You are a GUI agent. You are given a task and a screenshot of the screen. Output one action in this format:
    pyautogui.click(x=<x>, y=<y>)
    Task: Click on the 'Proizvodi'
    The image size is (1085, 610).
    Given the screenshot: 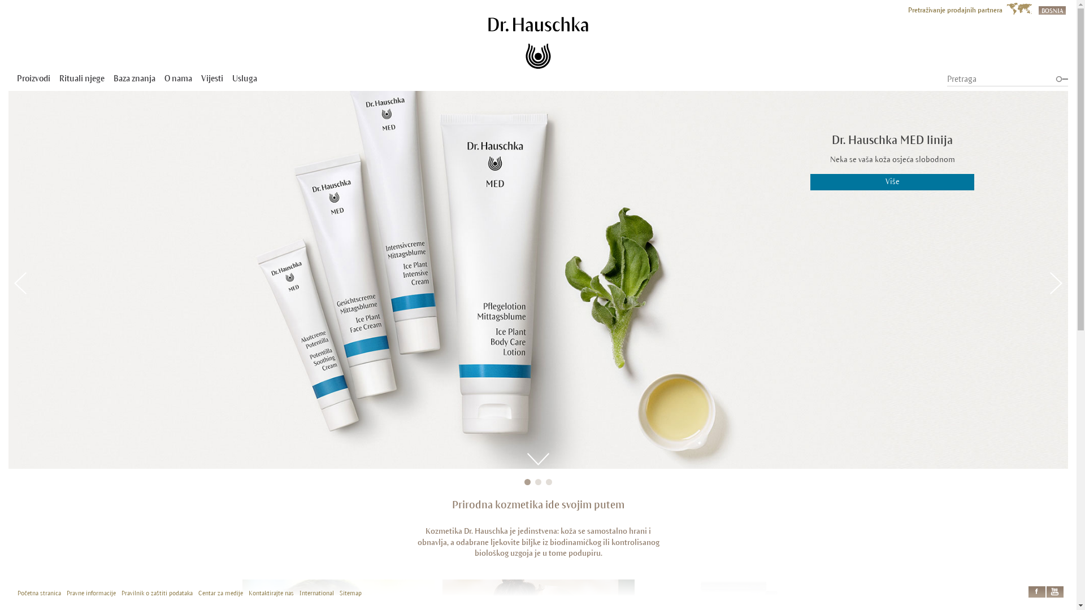 What is the action you would take?
    pyautogui.click(x=33, y=77)
    